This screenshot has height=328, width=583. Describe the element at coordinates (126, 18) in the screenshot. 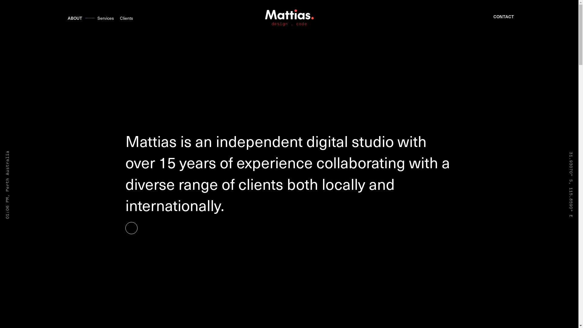

I see `'Clients'` at that location.